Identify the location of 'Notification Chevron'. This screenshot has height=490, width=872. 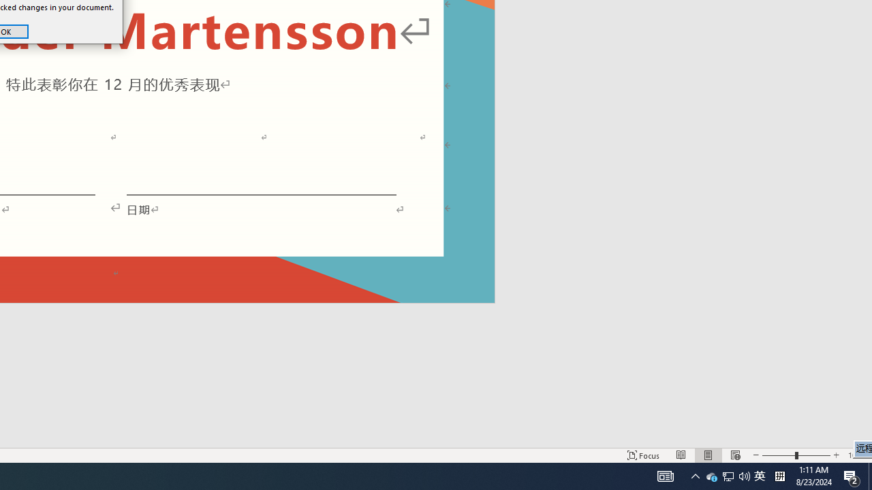
(695, 475).